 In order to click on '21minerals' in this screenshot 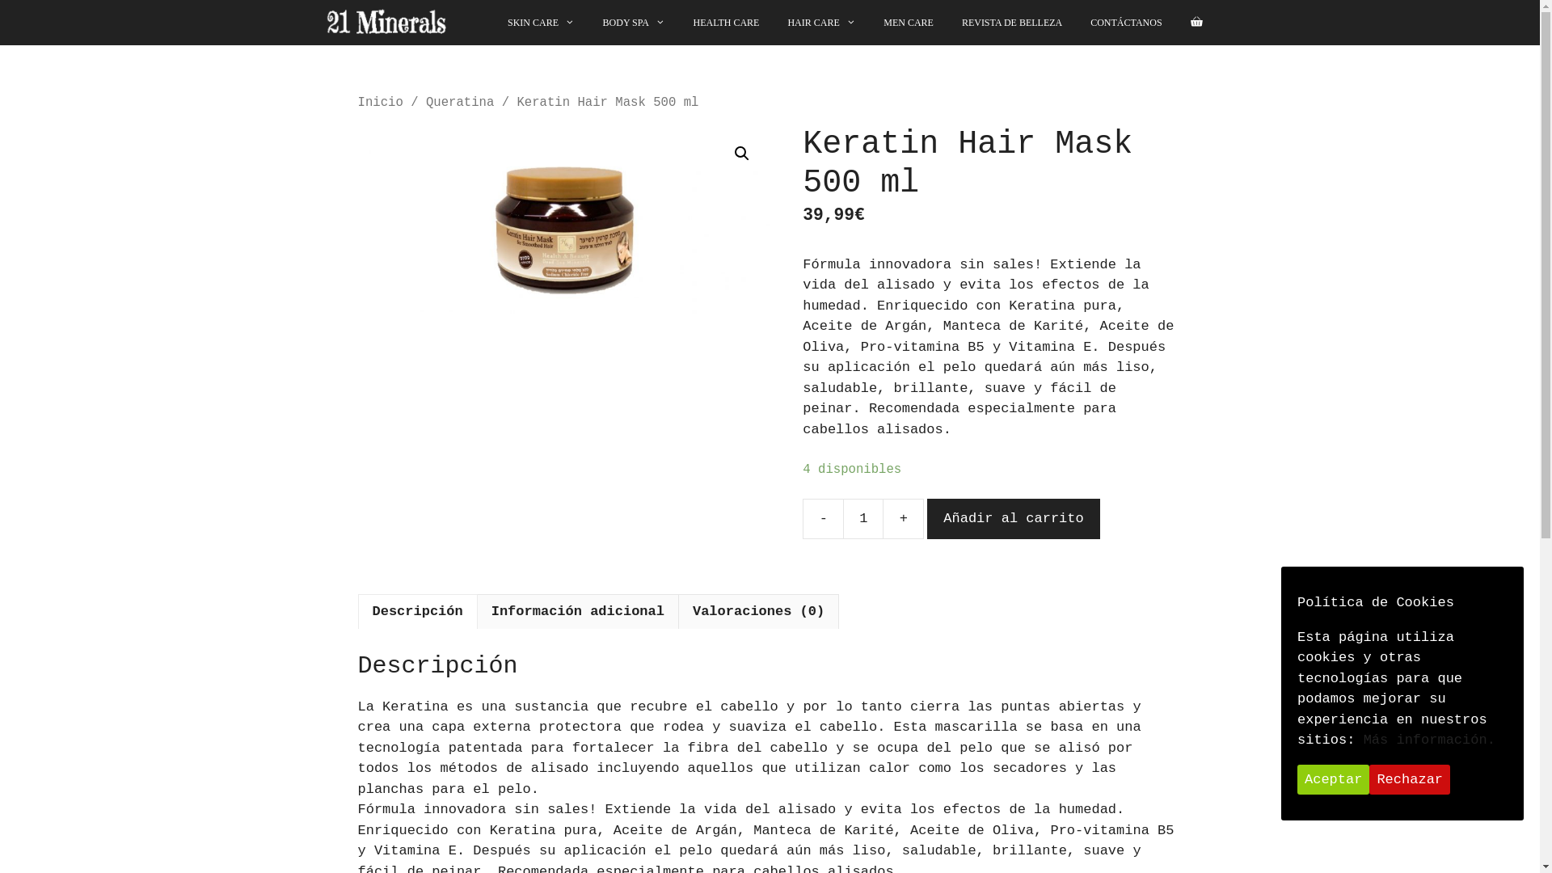, I will do `click(385, 22)`.